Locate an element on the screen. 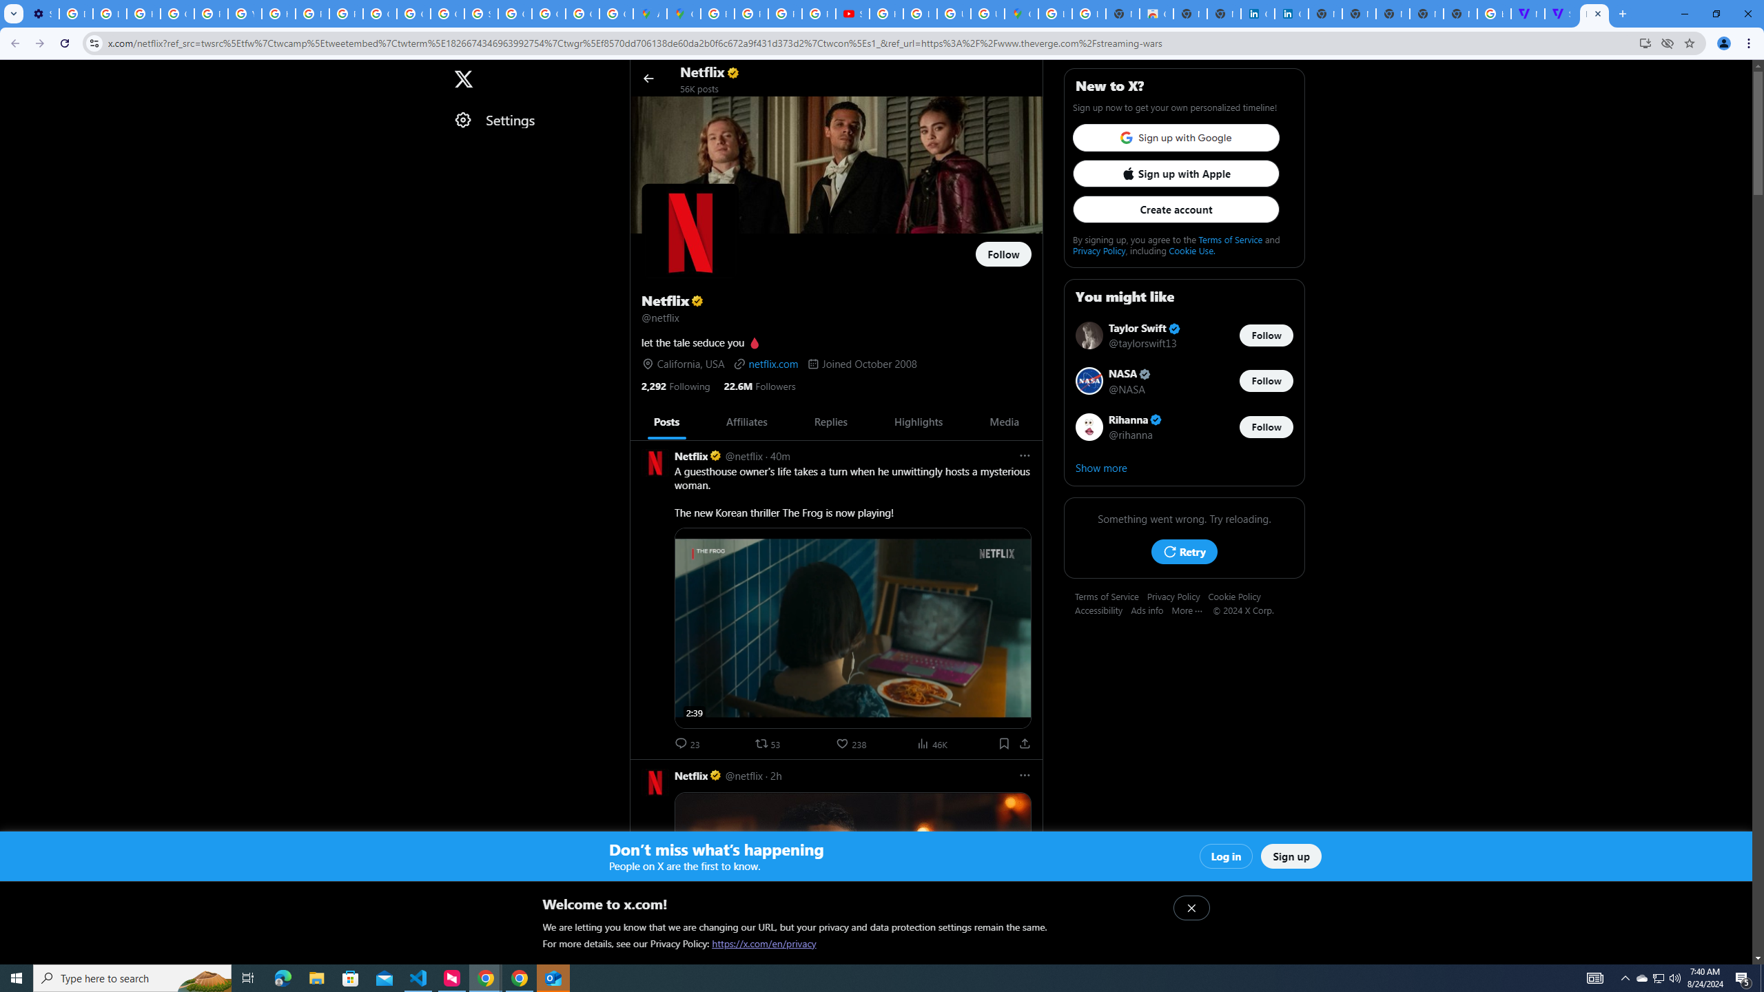  'Share post' is located at coordinates (1025, 743).